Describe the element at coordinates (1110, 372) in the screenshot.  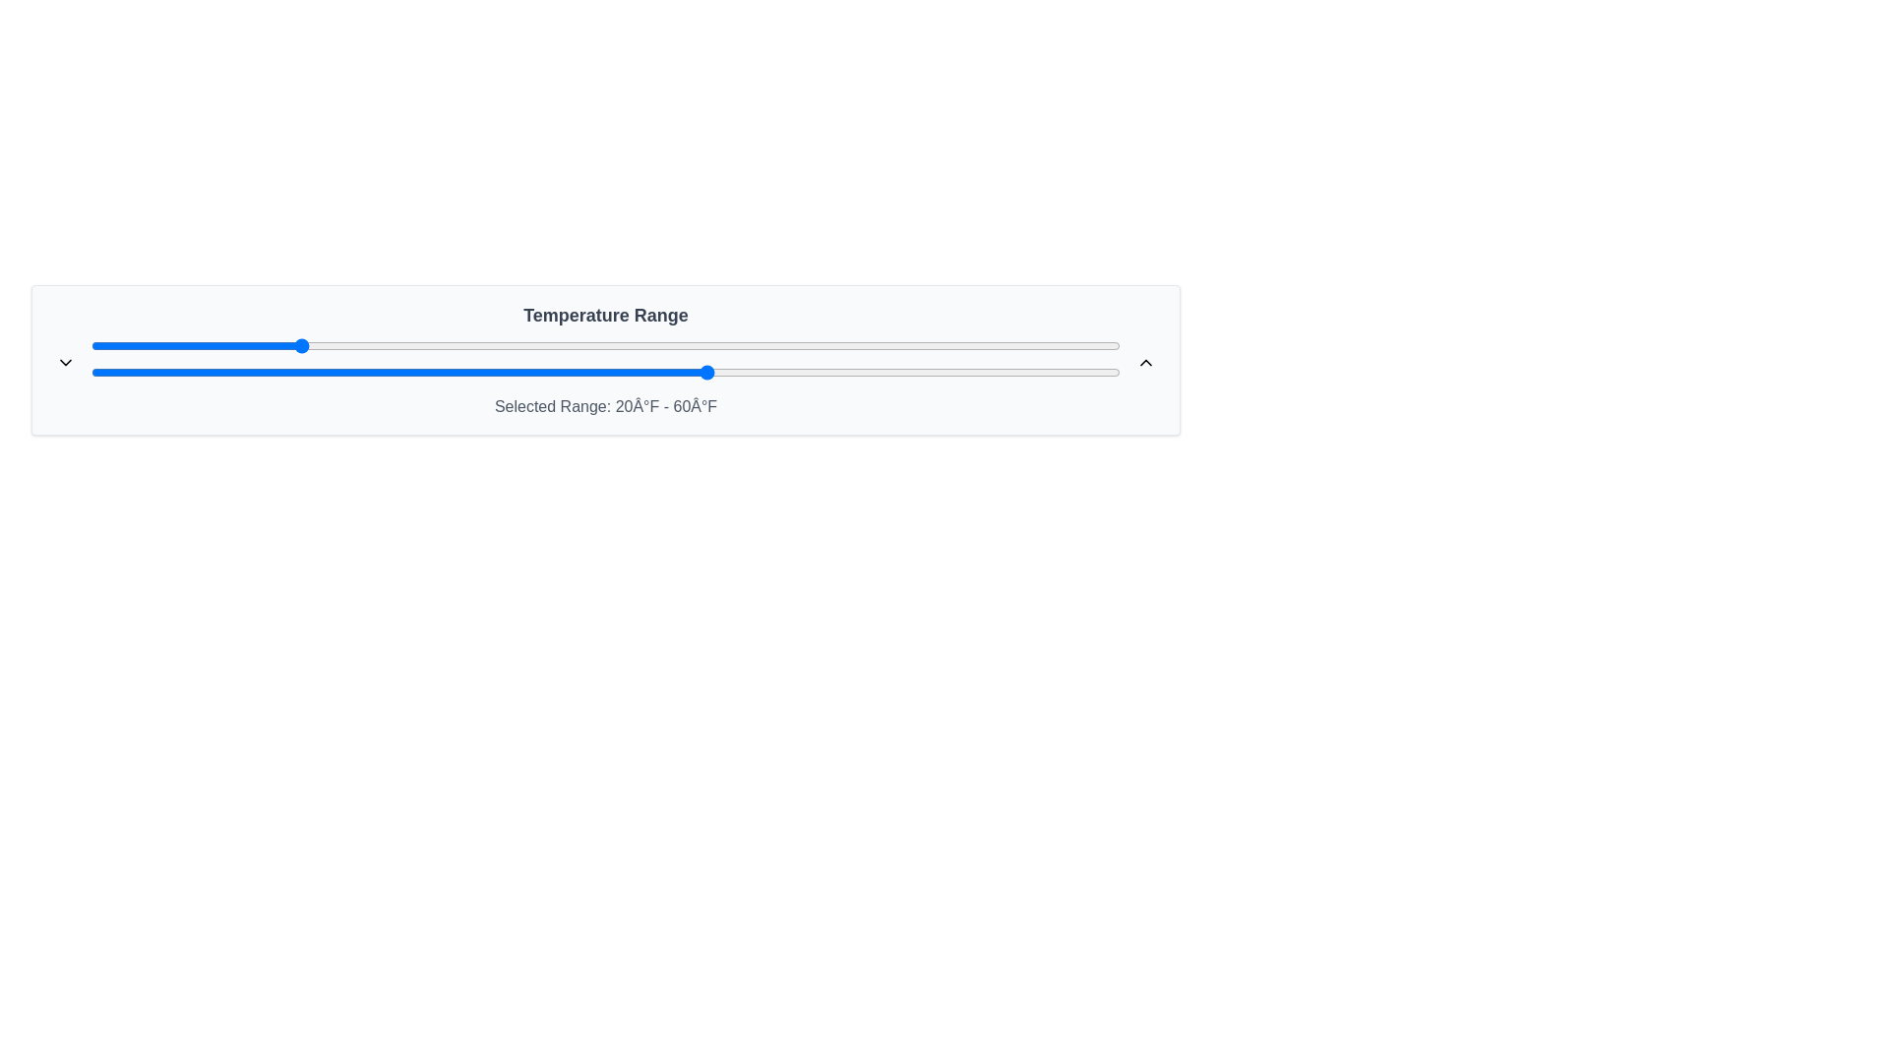
I see `the slider` at that location.